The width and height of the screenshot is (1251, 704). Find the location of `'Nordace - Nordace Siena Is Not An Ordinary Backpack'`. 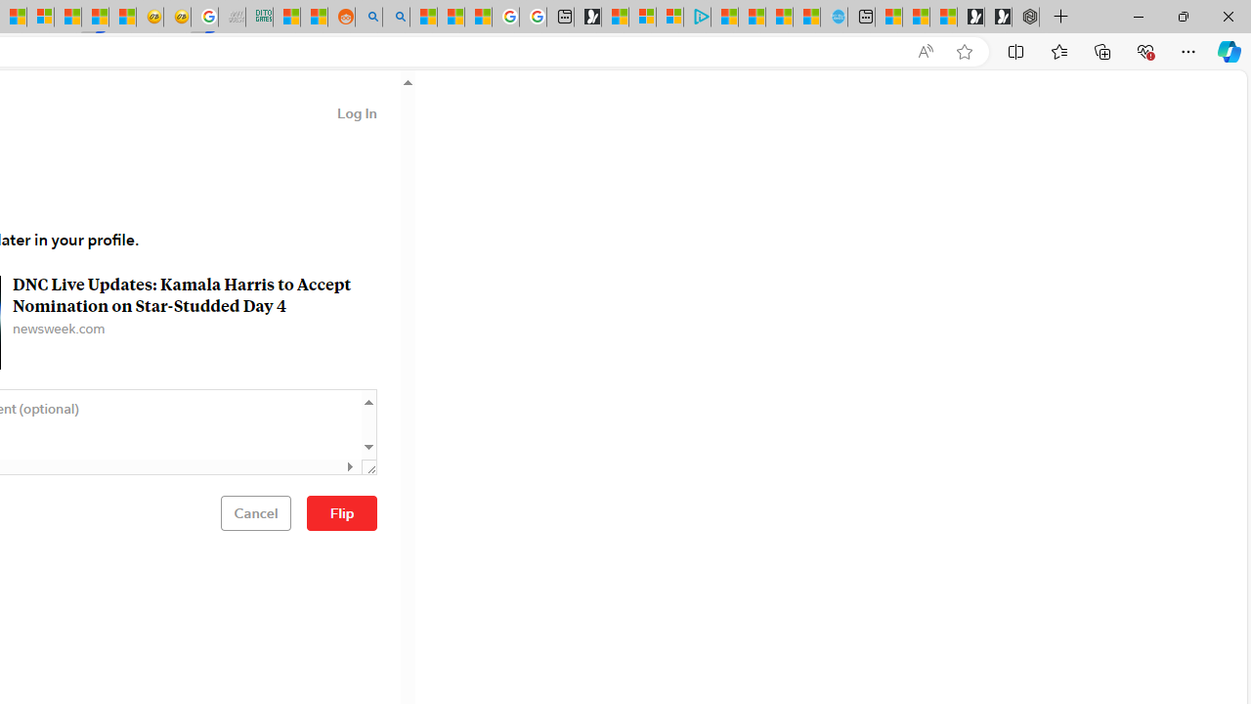

'Nordace - Nordace Siena Is Not An Ordinary Backpack' is located at coordinates (1024, 17).